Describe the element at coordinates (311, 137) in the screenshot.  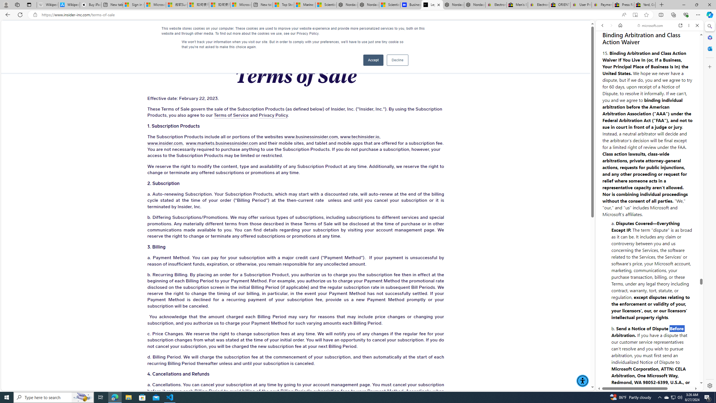
I see `'www.businessinsider.com'` at that location.